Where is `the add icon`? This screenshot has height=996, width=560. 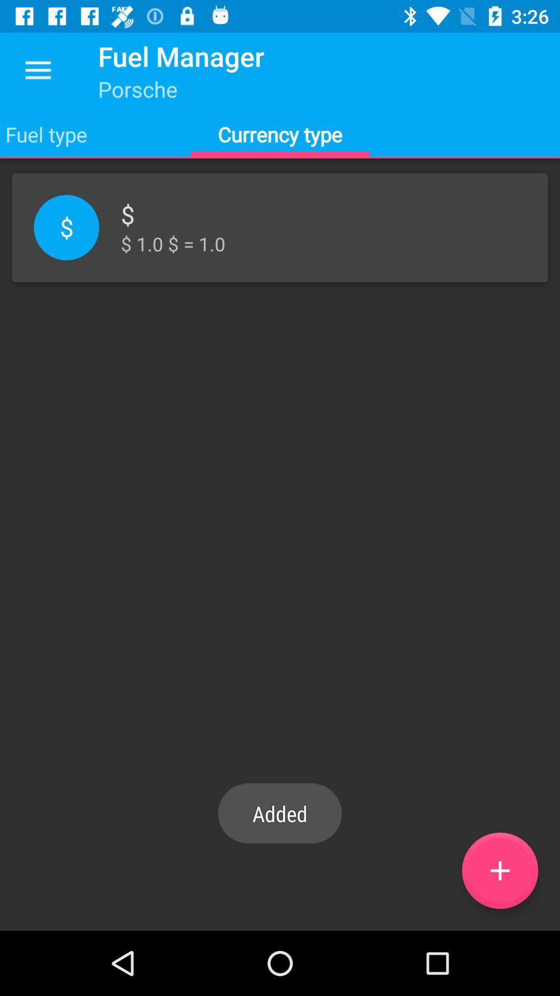
the add icon is located at coordinates (499, 870).